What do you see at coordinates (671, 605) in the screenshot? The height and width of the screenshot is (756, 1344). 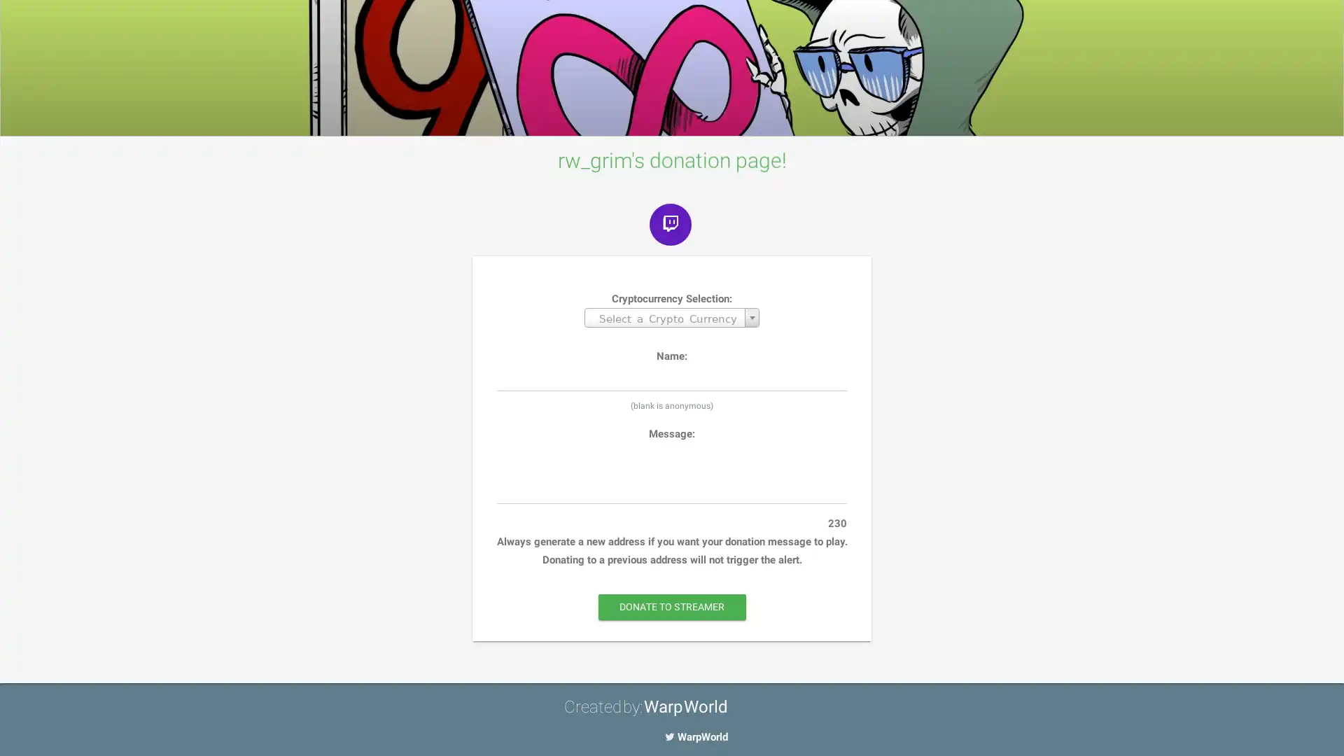 I see `DONATE TO STREAMER` at bounding box center [671, 605].